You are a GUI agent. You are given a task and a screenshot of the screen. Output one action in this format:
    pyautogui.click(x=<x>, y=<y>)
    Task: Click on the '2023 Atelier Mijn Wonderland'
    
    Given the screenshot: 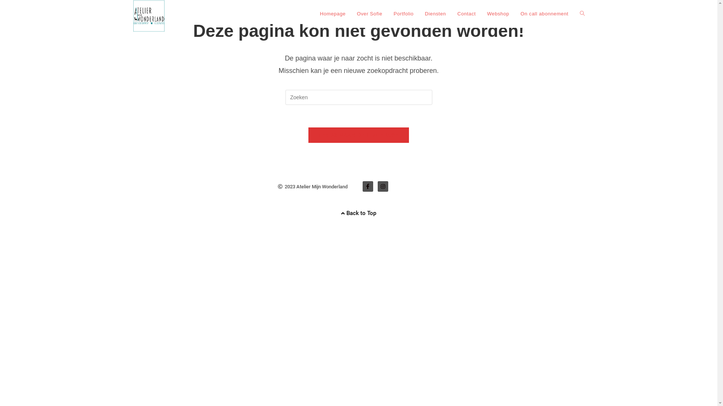 What is the action you would take?
    pyautogui.click(x=313, y=186)
    